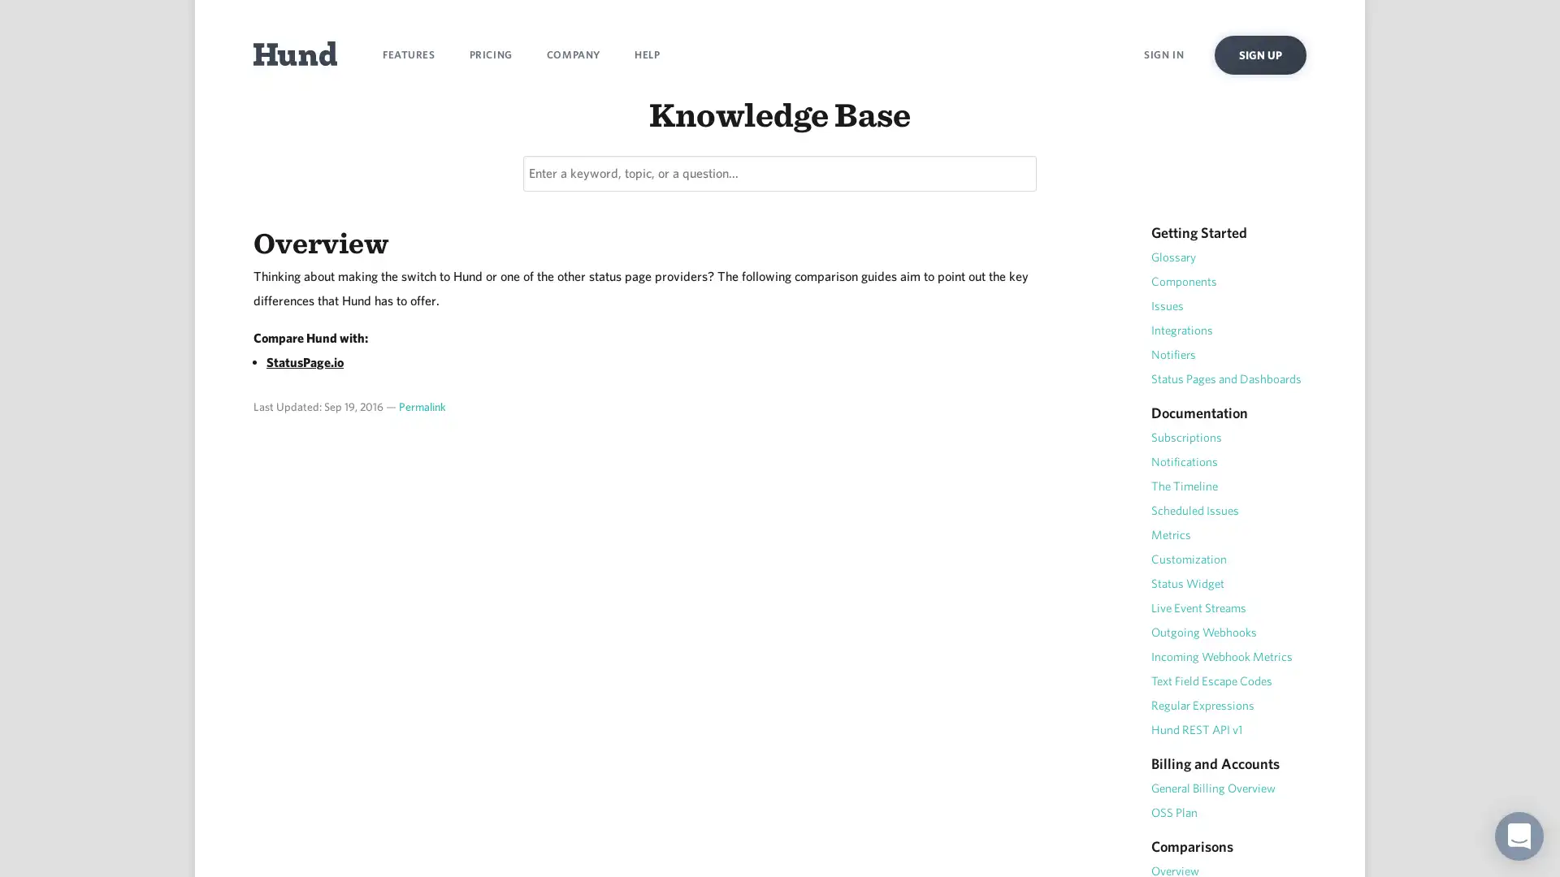 The image size is (1560, 877). Describe the element at coordinates (1519, 836) in the screenshot. I see `Open Intercom Messenger` at that location.